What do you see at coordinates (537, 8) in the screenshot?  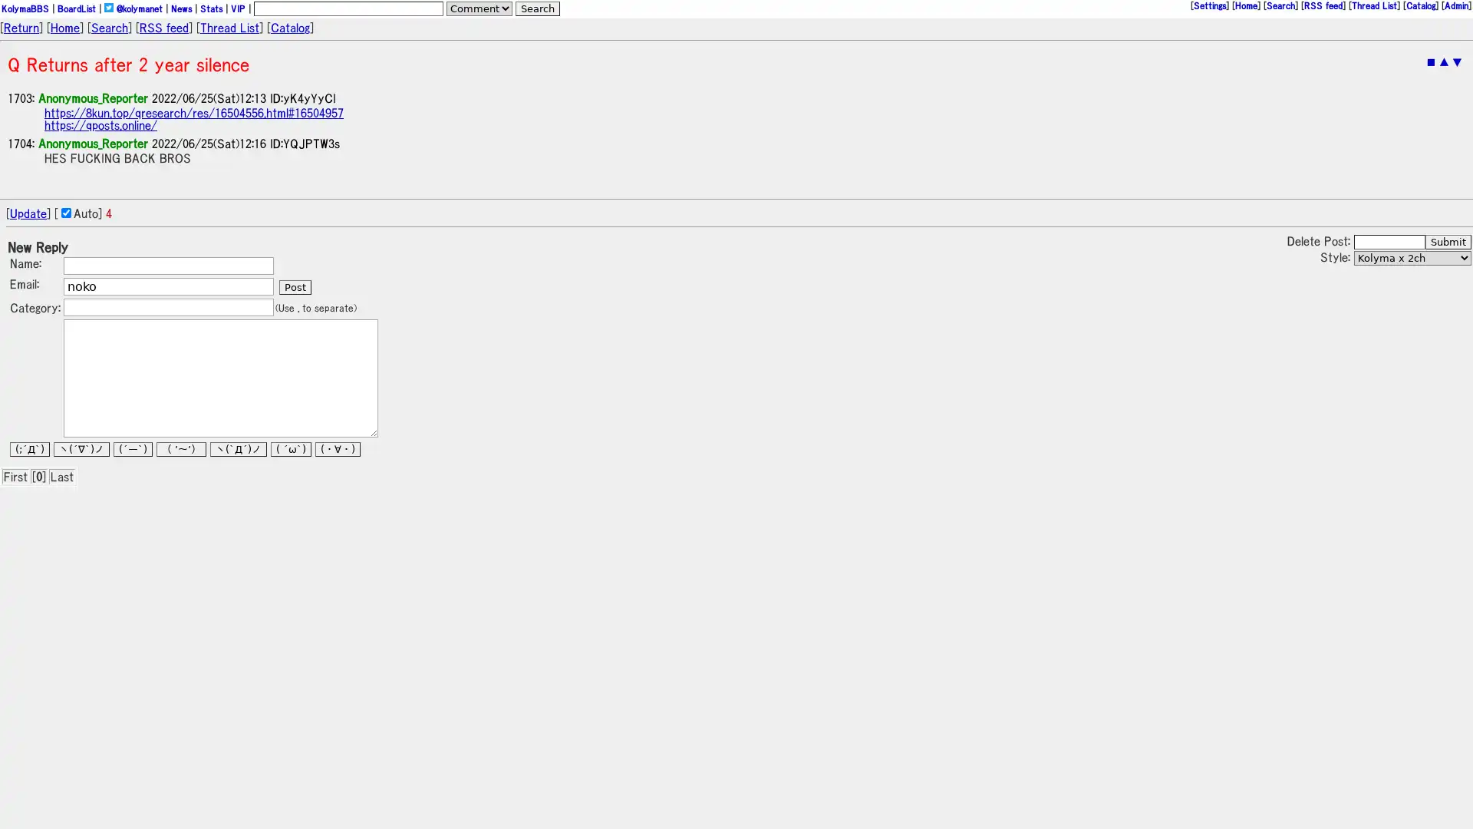 I see `Search` at bounding box center [537, 8].